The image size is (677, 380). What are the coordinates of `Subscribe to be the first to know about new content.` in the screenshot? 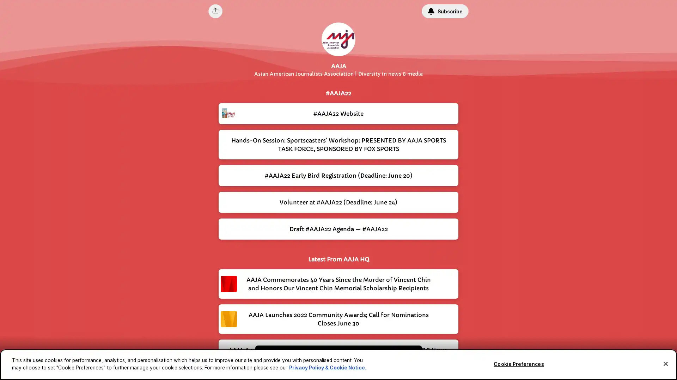 It's located at (333, 358).